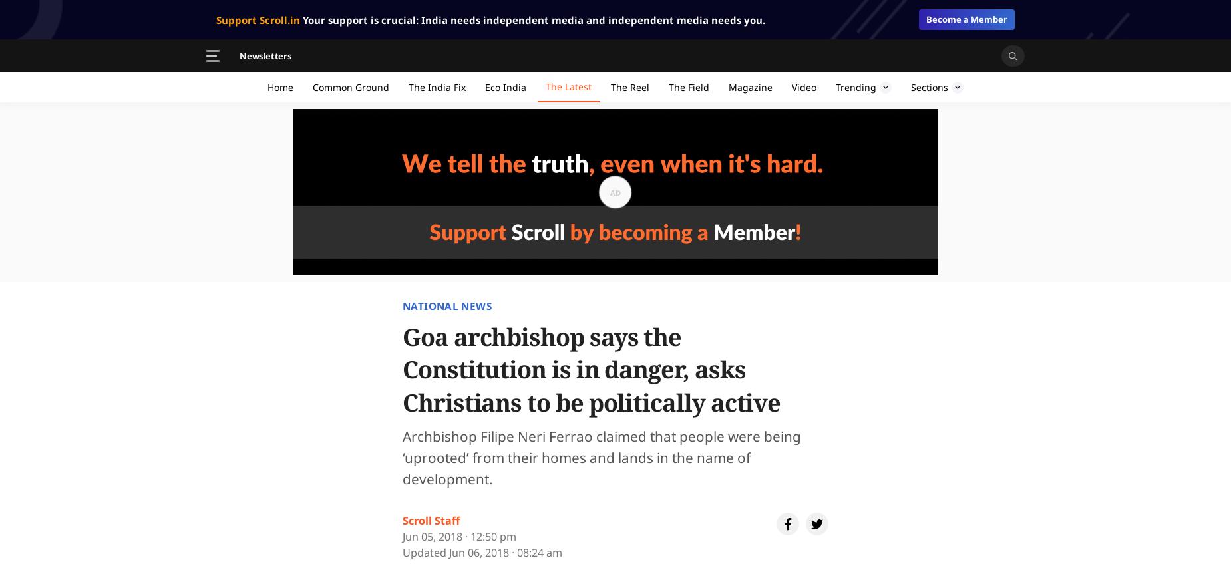 The width and height of the screenshot is (1231, 578). What do you see at coordinates (615, 191) in the screenshot?
I see `'Ad'` at bounding box center [615, 191].